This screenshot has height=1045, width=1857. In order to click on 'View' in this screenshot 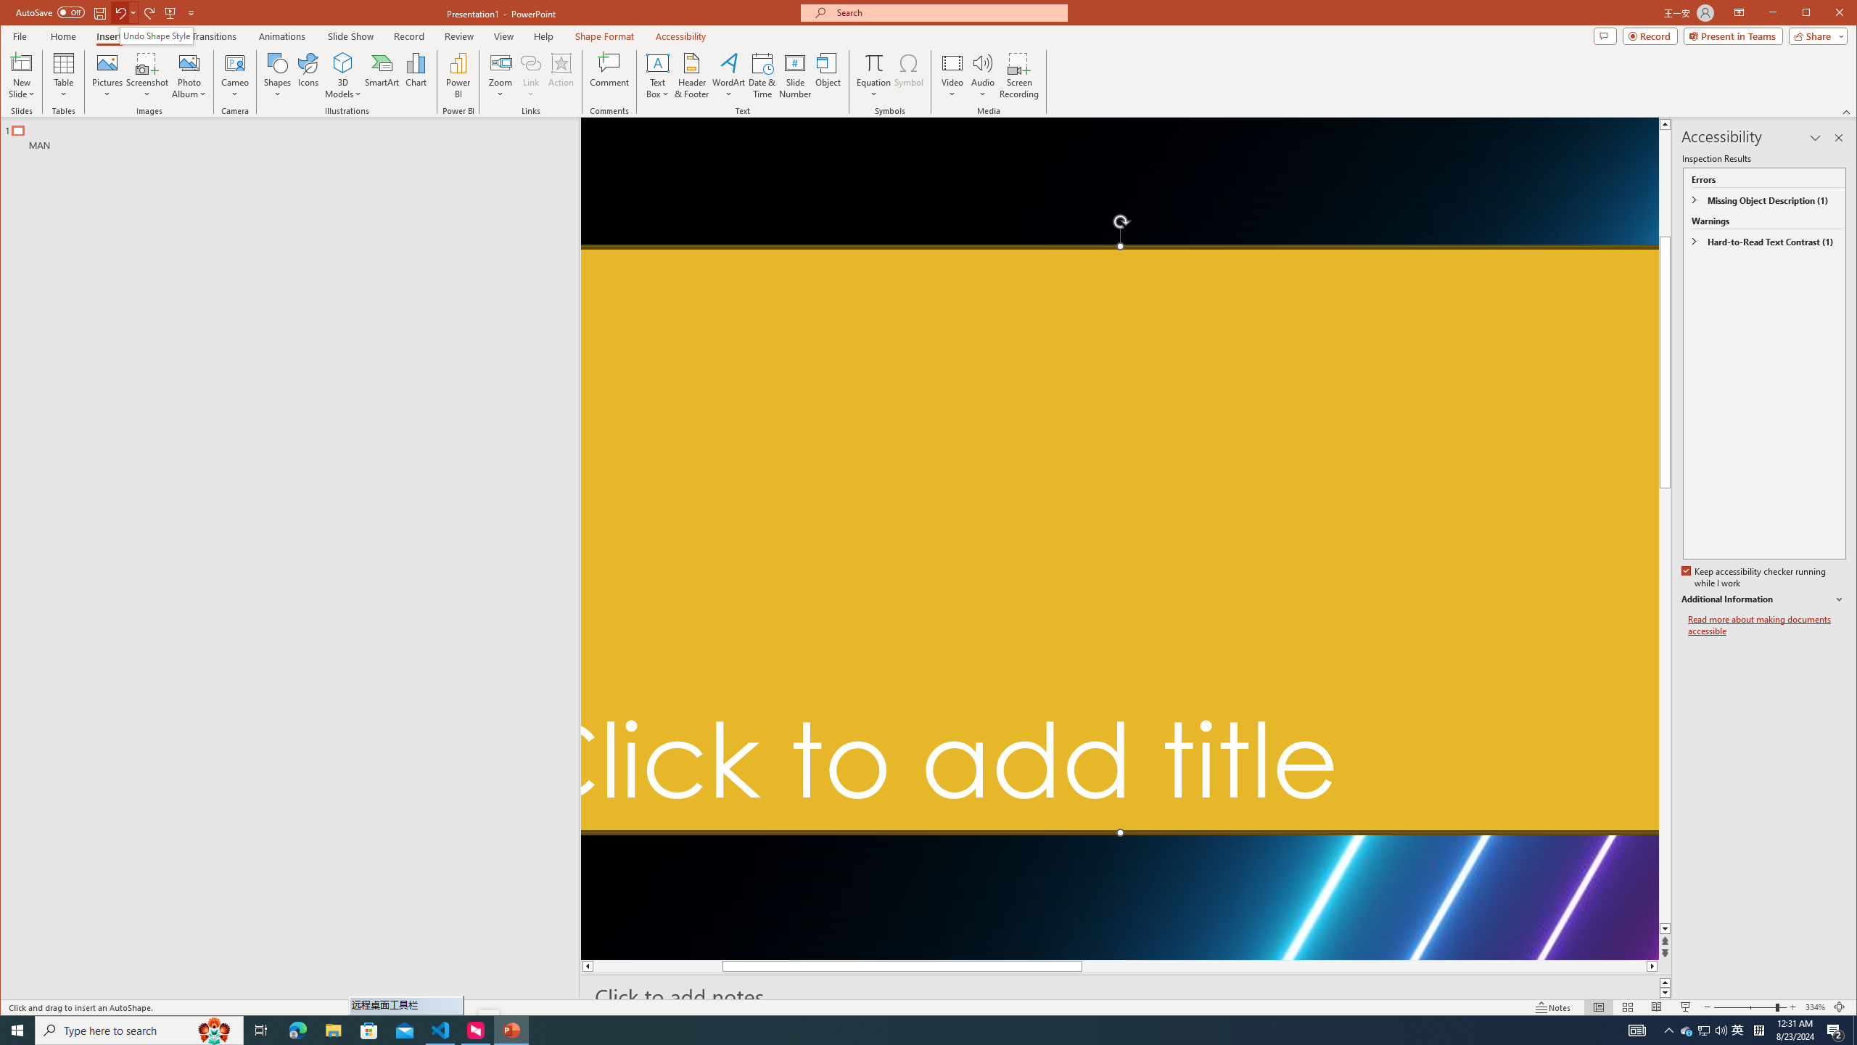, I will do `click(503, 36)`.